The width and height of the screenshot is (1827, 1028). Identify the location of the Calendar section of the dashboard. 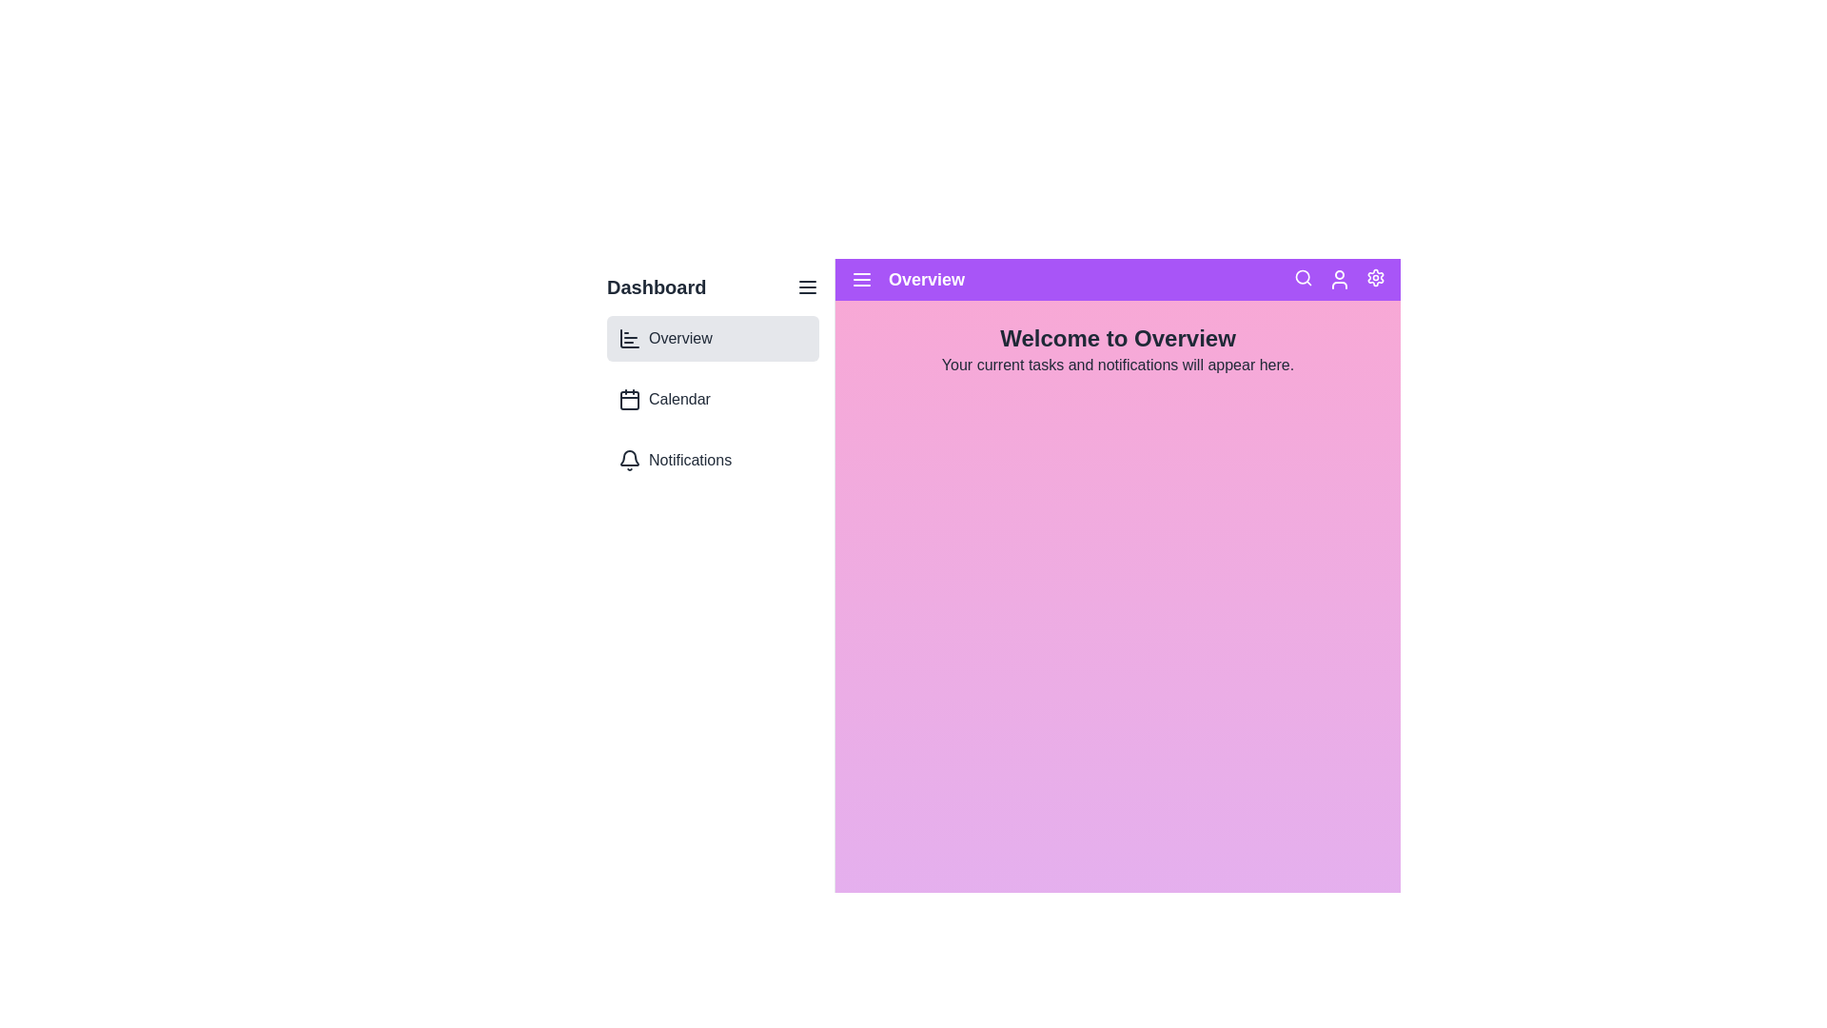
(712, 399).